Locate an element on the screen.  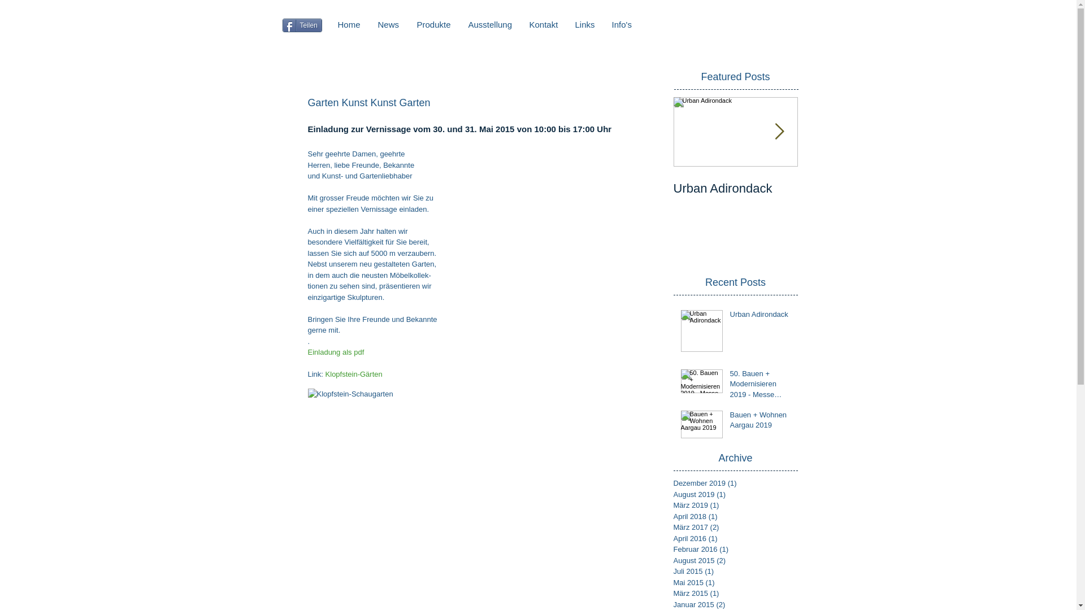
'August 2015 (2)' is located at coordinates (732, 560).